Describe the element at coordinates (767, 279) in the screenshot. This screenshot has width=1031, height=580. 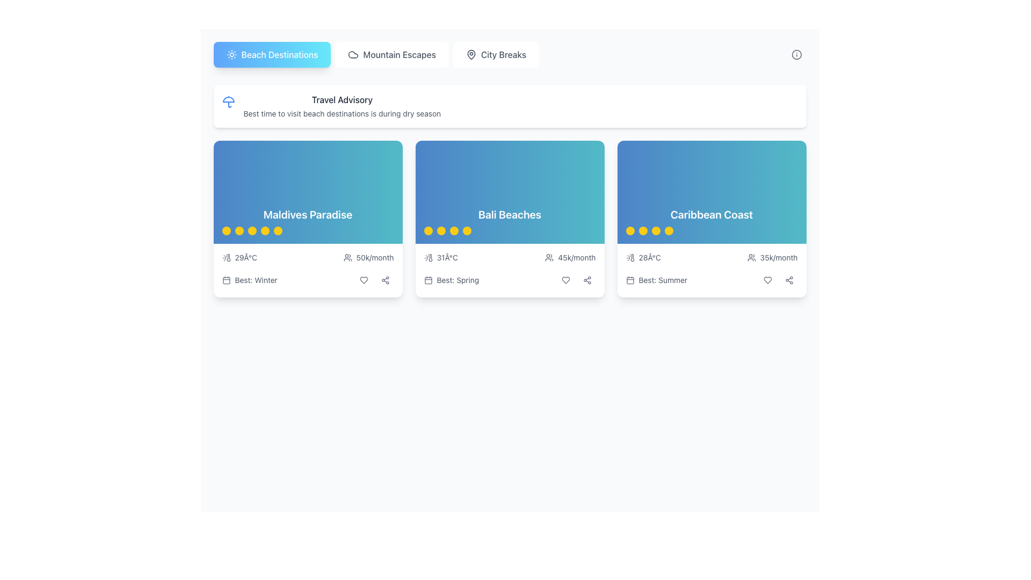
I see `the heart-shaped 'like' button located in the bottom section of the 'Caribbean Coast' card` at that location.